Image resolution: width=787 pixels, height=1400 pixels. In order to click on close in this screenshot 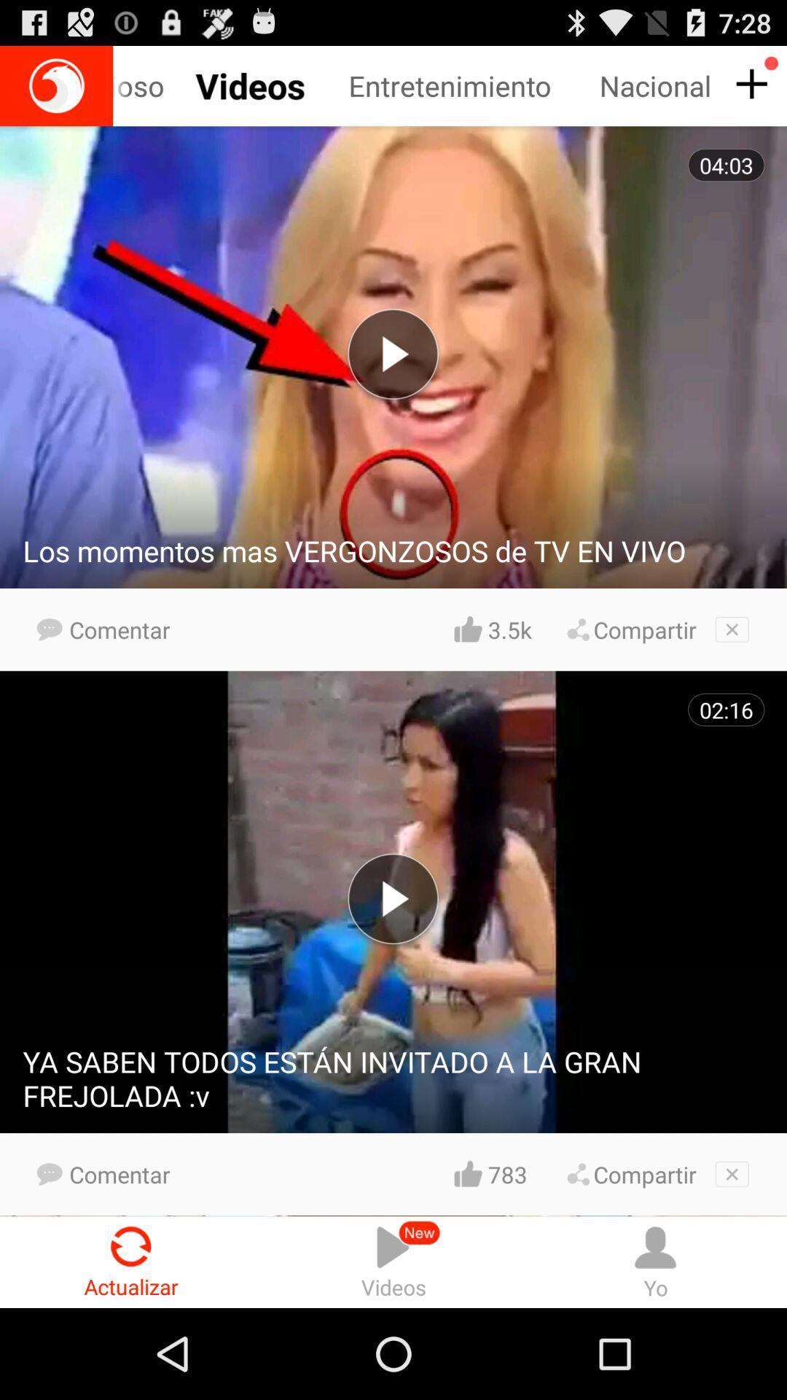, I will do `click(732, 629)`.